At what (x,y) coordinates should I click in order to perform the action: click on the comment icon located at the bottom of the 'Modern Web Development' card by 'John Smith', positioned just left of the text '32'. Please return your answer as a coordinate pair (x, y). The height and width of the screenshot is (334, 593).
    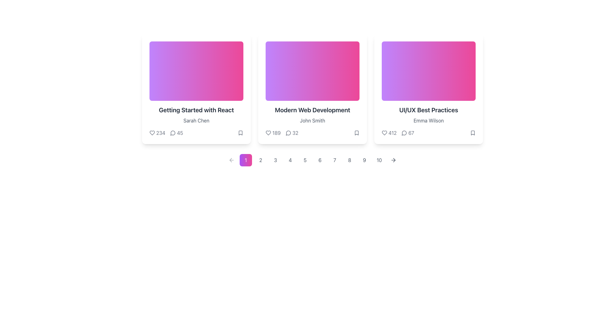
    Looking at the image, I should click on (288, 132).